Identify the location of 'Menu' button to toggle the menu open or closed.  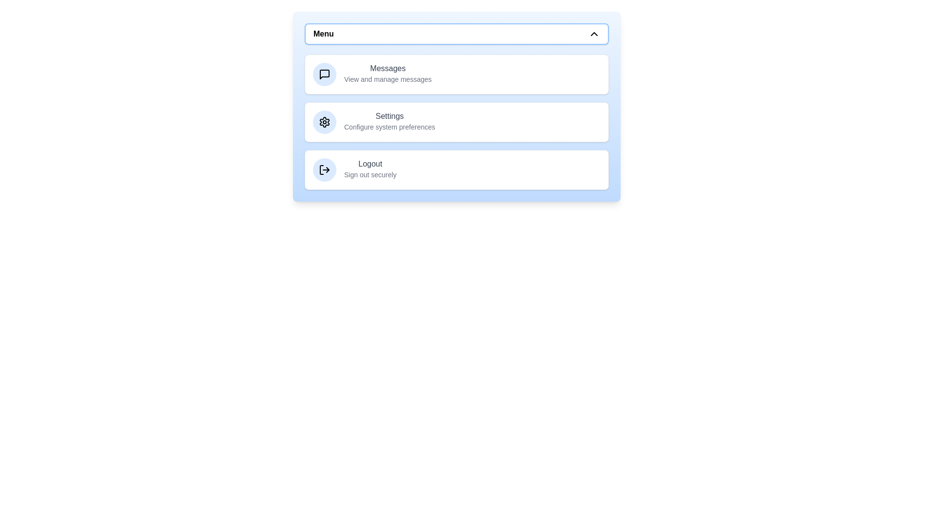
(456, 33).